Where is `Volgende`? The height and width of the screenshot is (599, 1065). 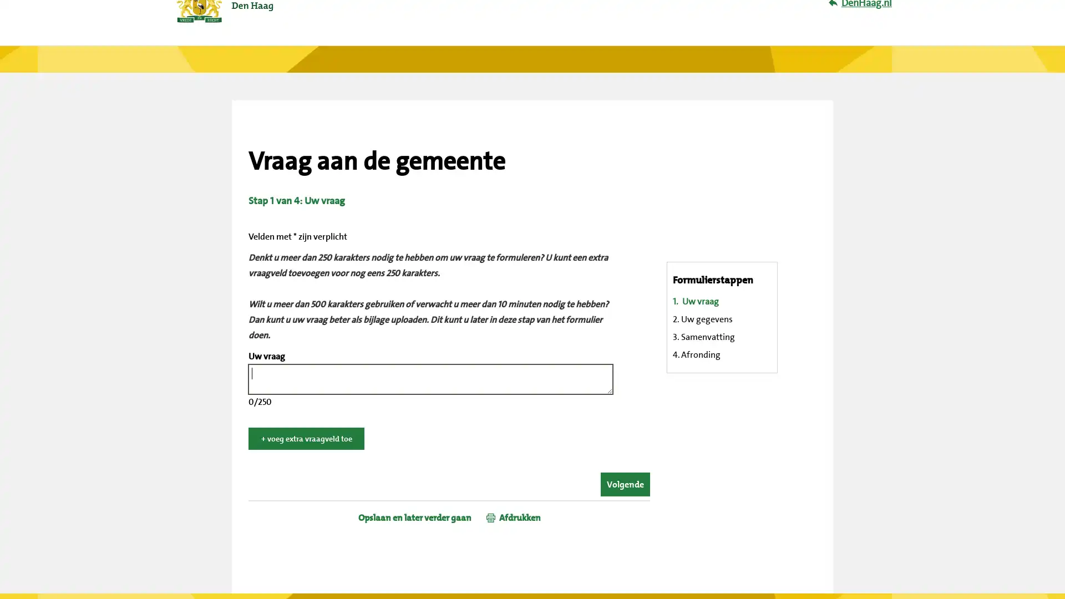 Volgende is located at coordinates (625, 484).